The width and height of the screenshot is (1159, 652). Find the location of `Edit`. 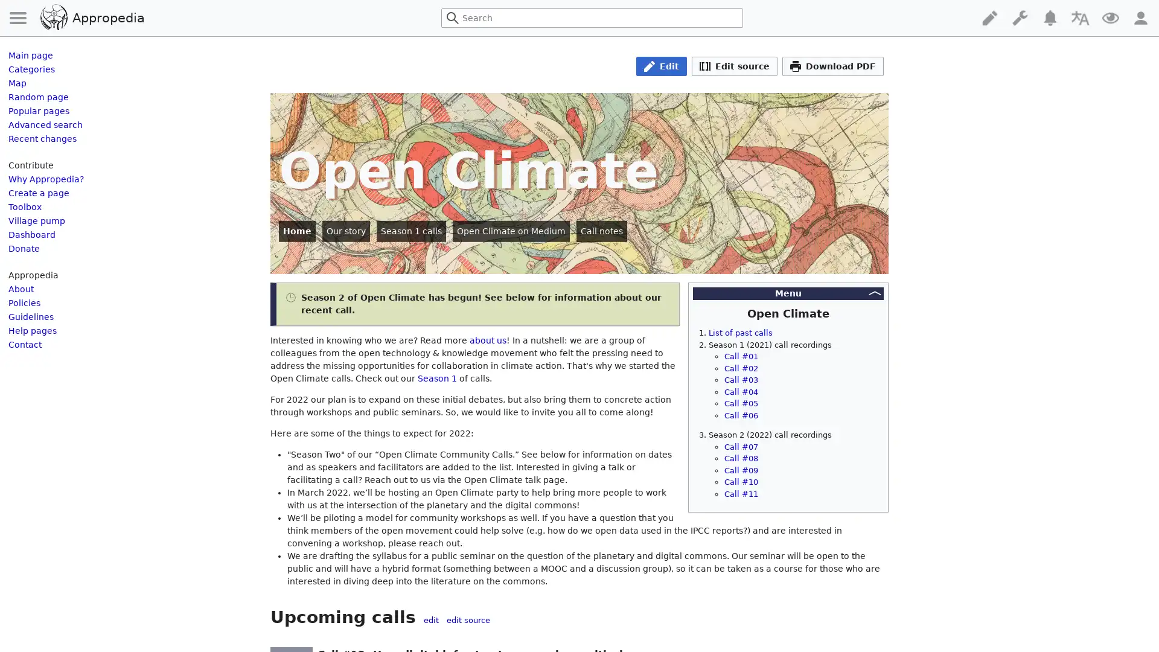

Edit is located at coordinates (660, 66).